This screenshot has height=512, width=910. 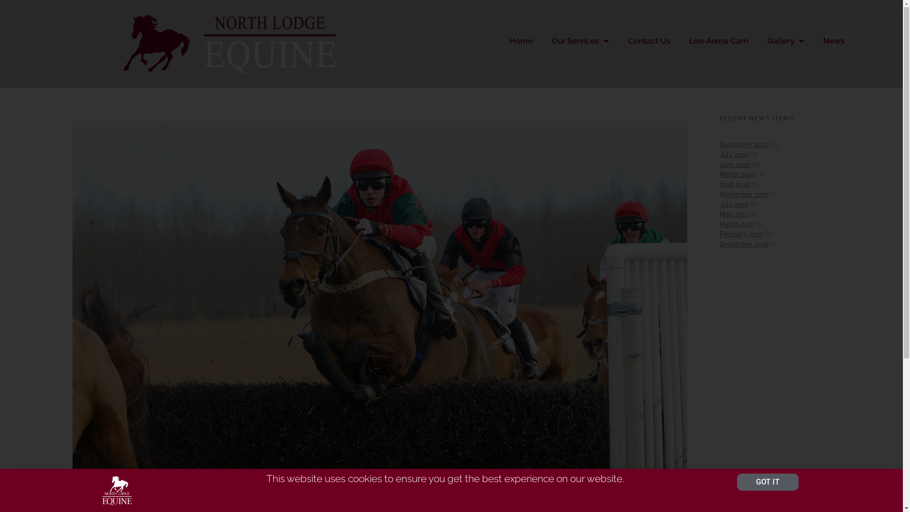 I want to click on 'Contact Us', so click(x=619, y=40).